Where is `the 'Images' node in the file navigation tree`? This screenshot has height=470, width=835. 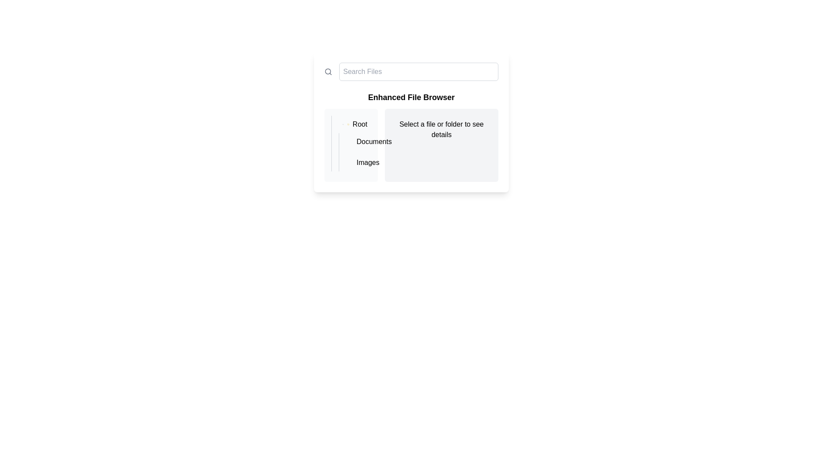
the 'Images' node in the file navigation tree is located at coordinates (358, 163).